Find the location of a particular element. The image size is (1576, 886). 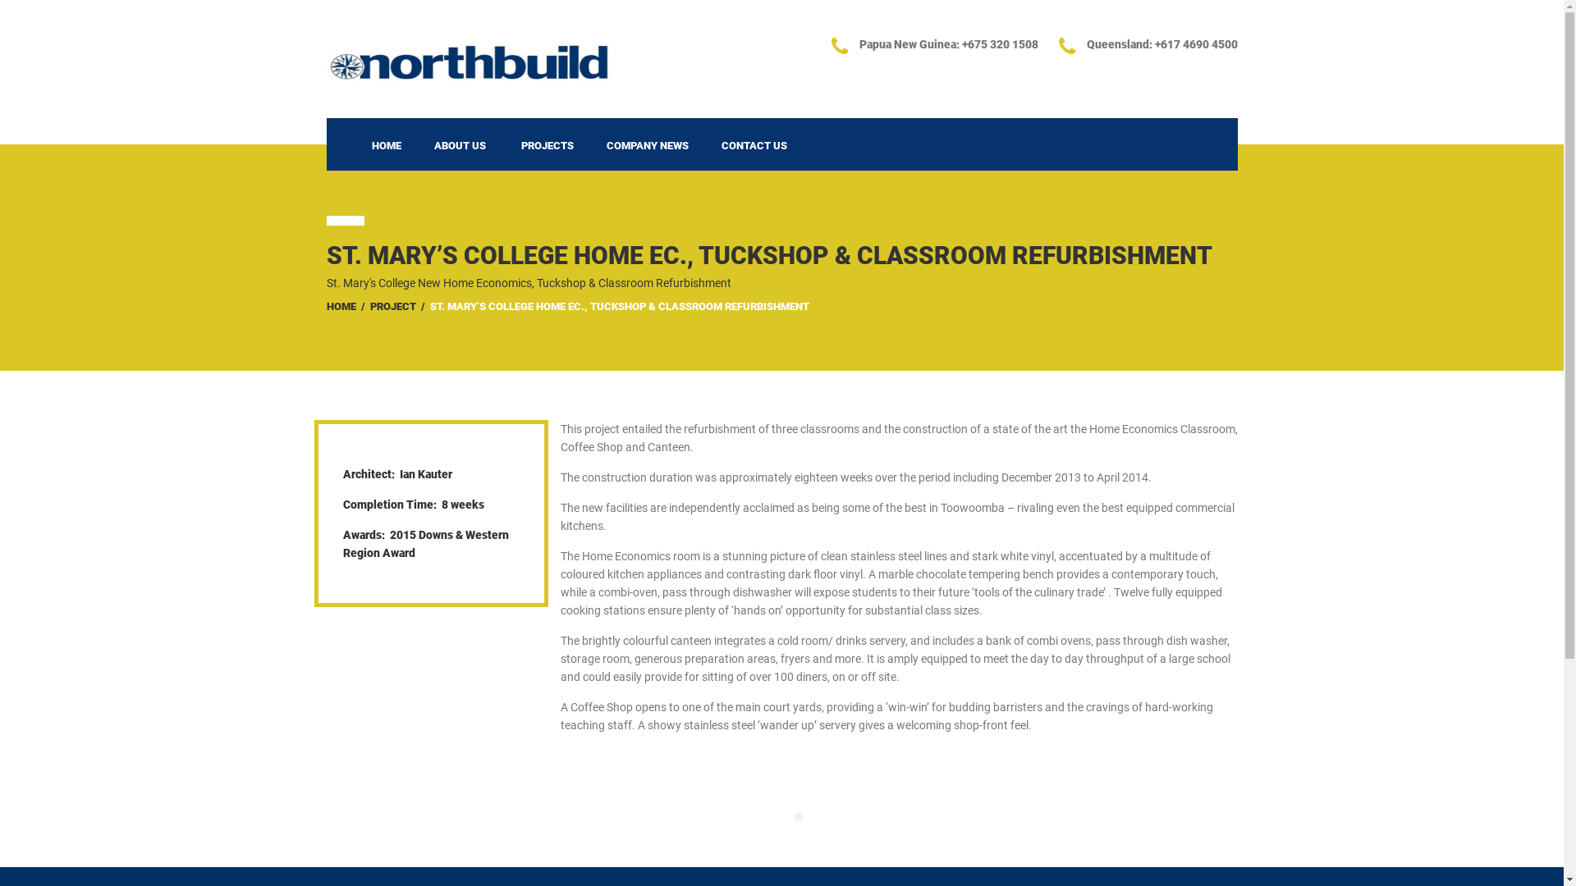

'PROJECTS' is located at coordinates (547, 144).